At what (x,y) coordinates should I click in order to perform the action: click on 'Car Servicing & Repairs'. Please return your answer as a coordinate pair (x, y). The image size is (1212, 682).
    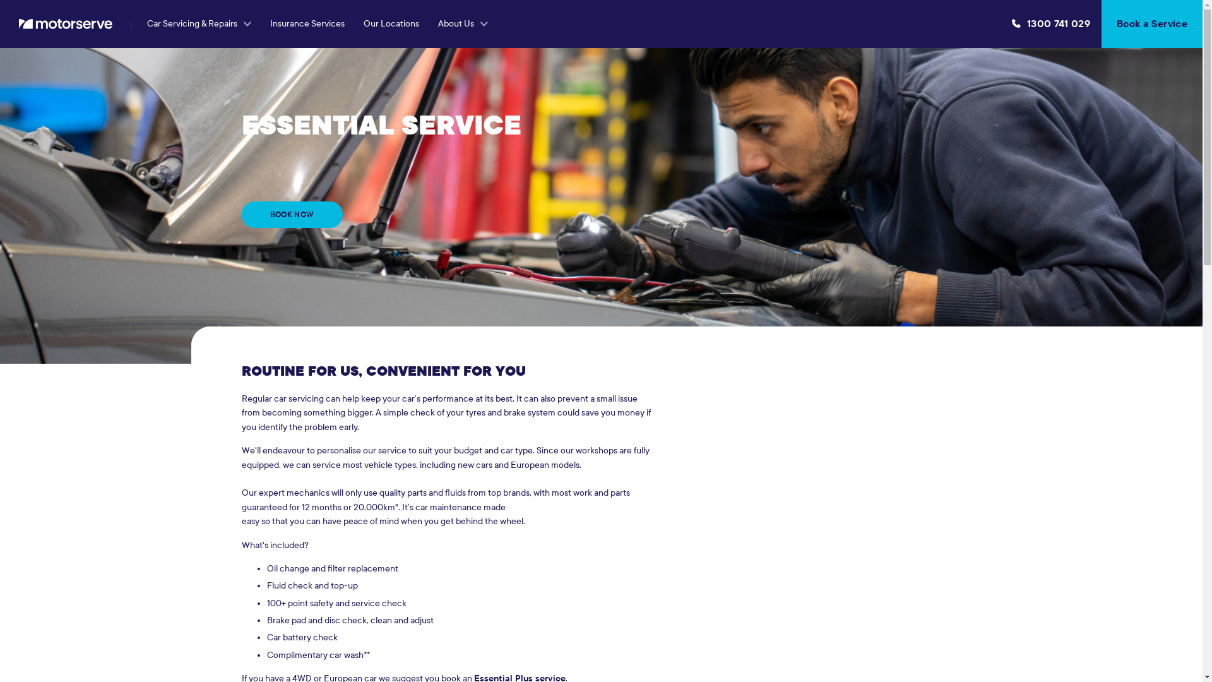
    Looking at the image, I should click on (198, 24).